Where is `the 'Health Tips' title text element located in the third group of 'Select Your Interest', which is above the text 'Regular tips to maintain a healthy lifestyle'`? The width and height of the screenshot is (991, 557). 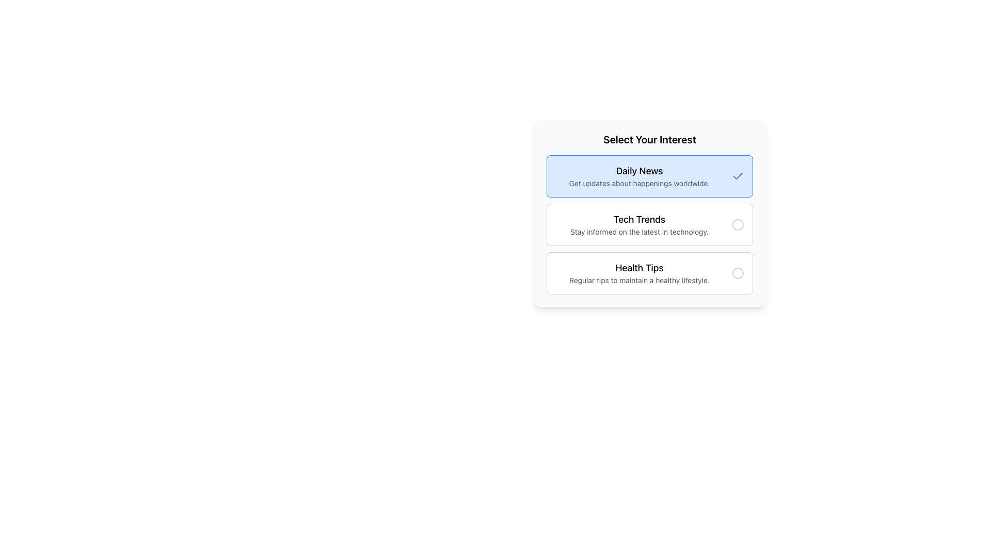 the 'Health Tips' title text element located in the third group of 'Select Your Interest', which is above the text 'Regular tips to maintain a healthy lifestyle' is located at coordinates (638, 268).